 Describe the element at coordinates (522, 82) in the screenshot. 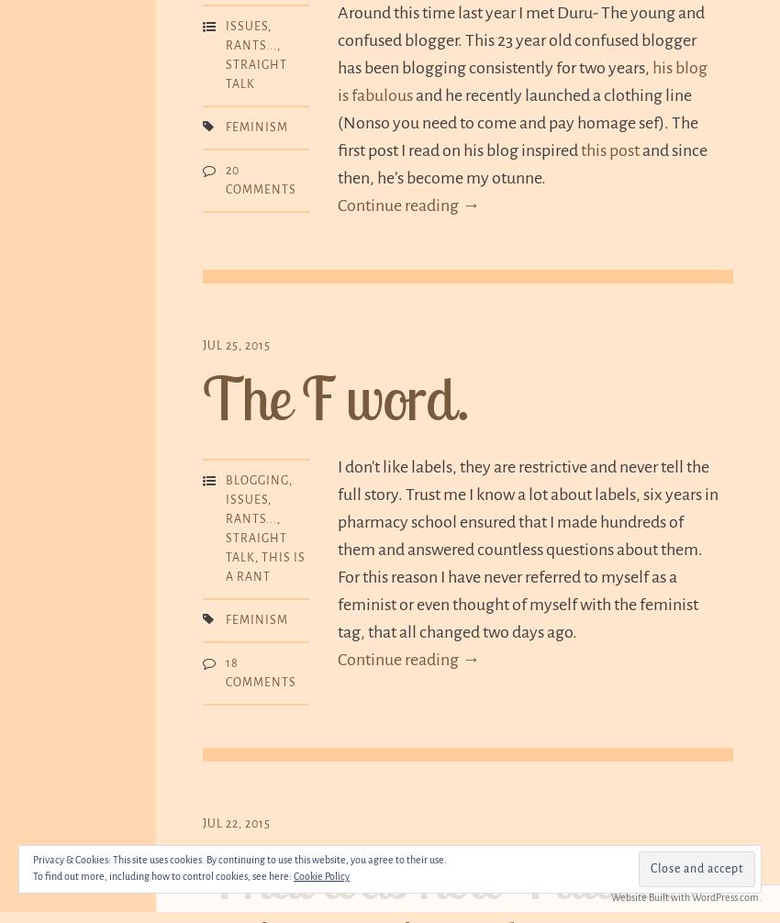

I see `'his blog is fabulous'` at that location.